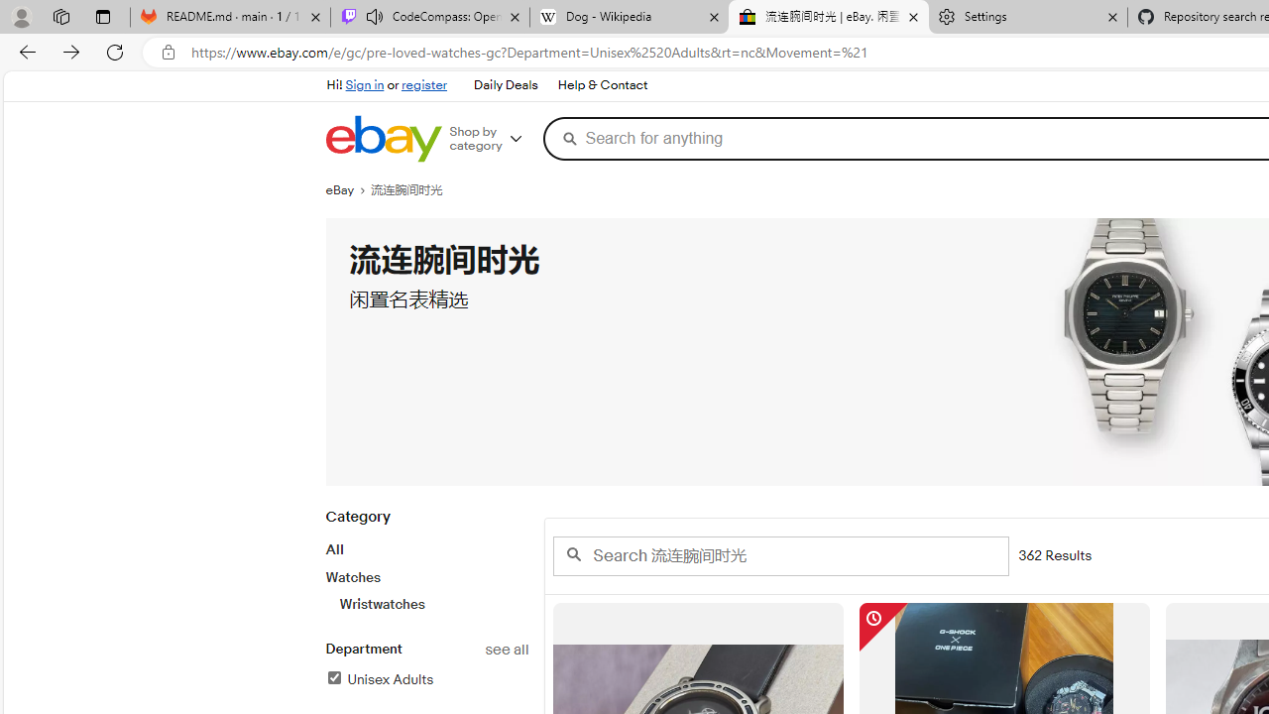  I want to click on 'CategoryAllWatchesWristwatches', so click(425, 571).